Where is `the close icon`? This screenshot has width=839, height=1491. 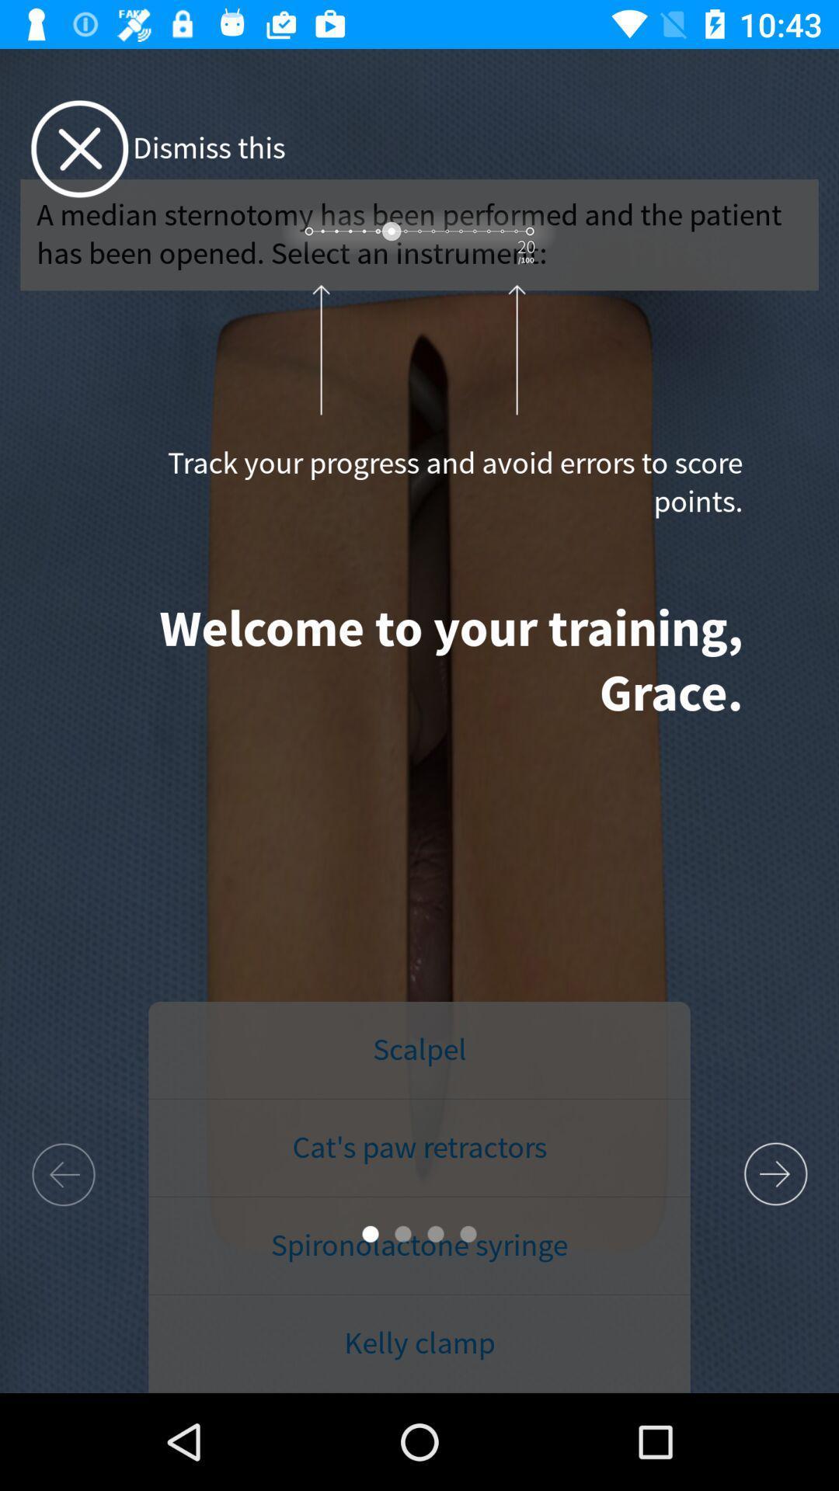 the close icon is located at coordinates (79, 149).